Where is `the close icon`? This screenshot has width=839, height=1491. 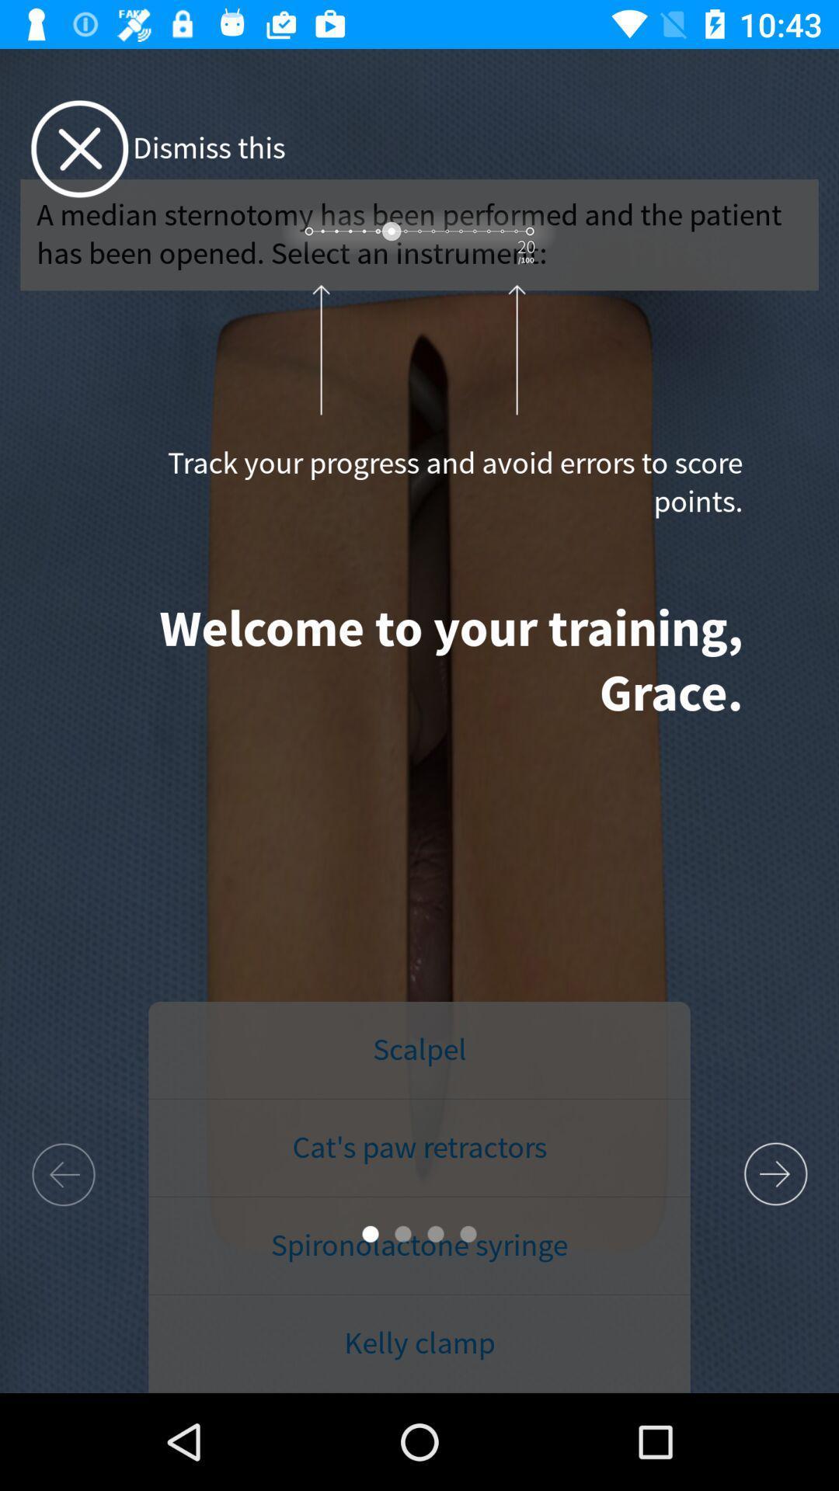 the close icon is located at coordinates (79, 149).